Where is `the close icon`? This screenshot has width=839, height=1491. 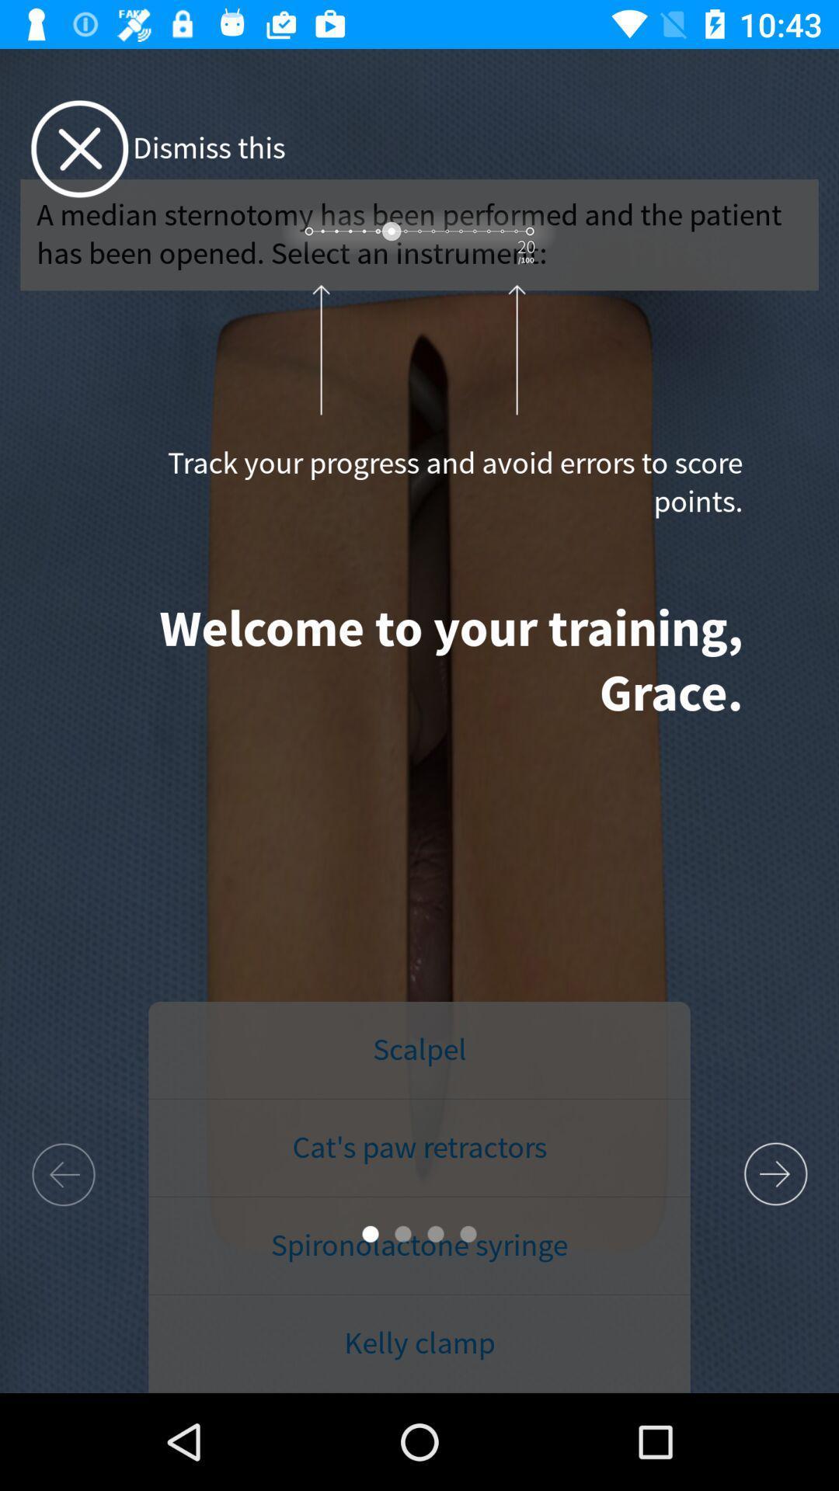 the close icon is located at coordinates (79, 149).